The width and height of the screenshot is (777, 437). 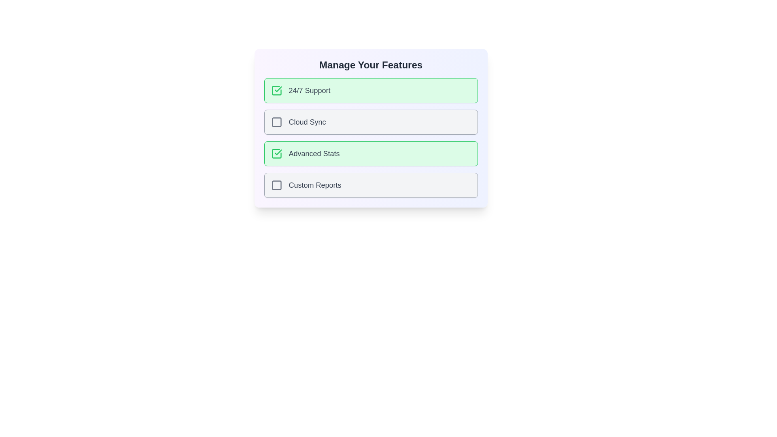 I want to click on the '24/7 Support' text label, which is styled in medium gray font and located next to a green checkmark icon, to associate it with its respective feature, so click(x=309, y=90).